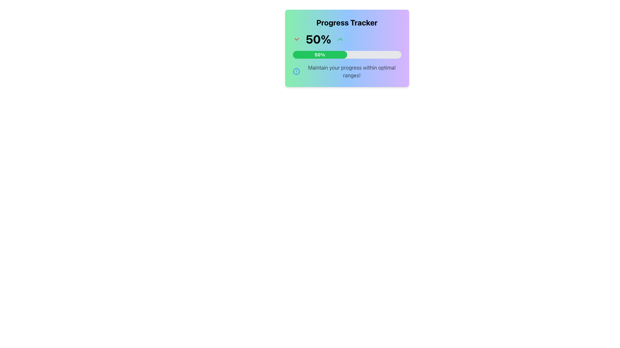 This screenshot has width=620, height=348. Describe the element at coordinates (346, 54) in the screenshot. I see `the progress visually on the Progress Bar located below the '50%' text within the 'Progress Tracker' card` at that location.